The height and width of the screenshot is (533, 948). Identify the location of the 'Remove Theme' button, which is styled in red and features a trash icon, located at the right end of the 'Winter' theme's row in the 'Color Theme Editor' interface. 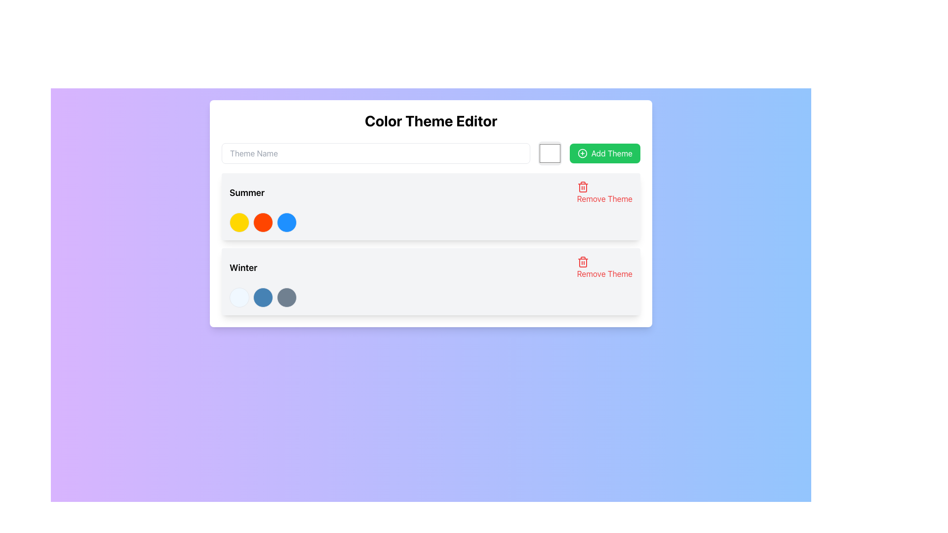
(604, 268).